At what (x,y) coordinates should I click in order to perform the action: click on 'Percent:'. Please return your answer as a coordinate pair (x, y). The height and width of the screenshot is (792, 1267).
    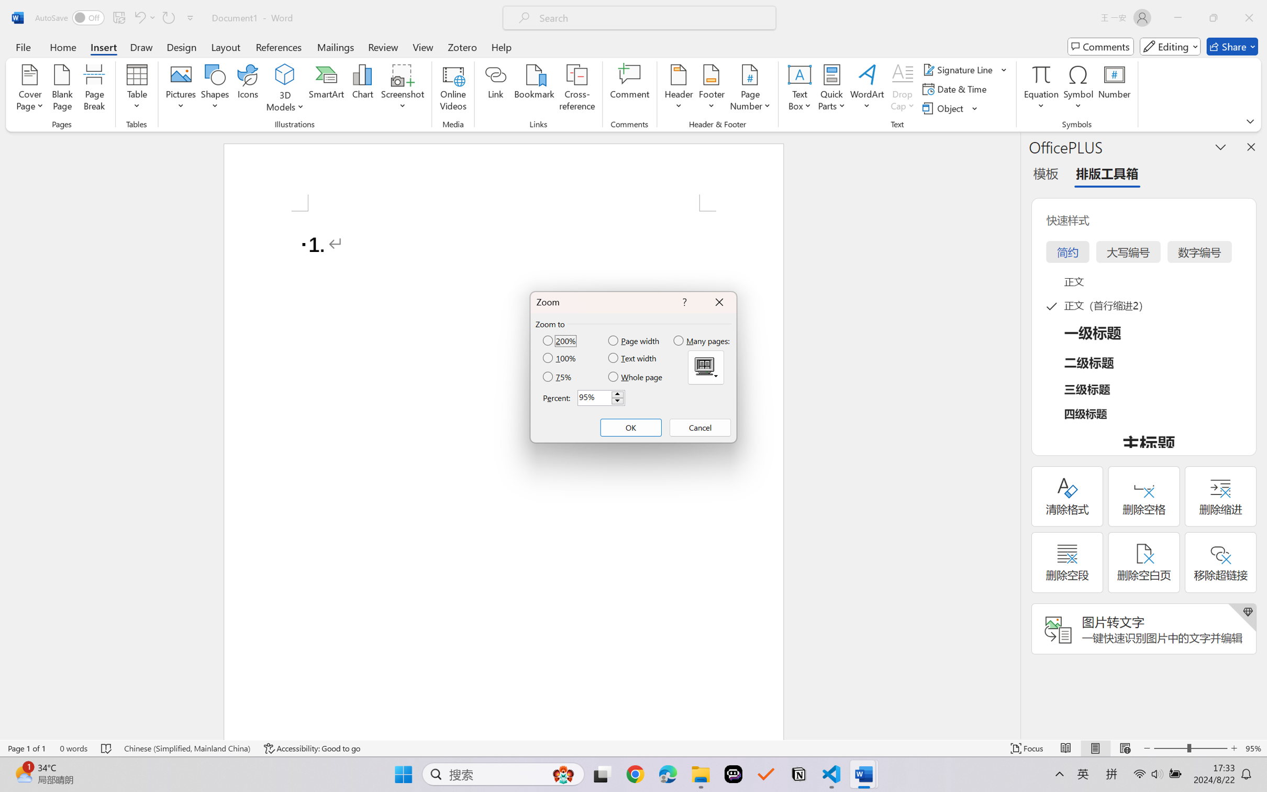
    Looking at the image, I should click on (601, 398).